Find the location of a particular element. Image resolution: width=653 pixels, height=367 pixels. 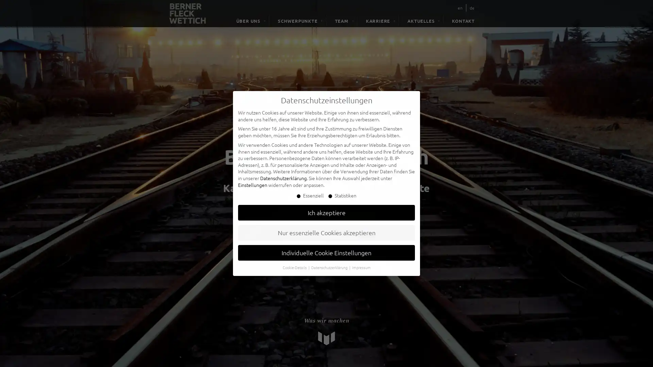

Cookie-Details is located at coordinates (295, 267).